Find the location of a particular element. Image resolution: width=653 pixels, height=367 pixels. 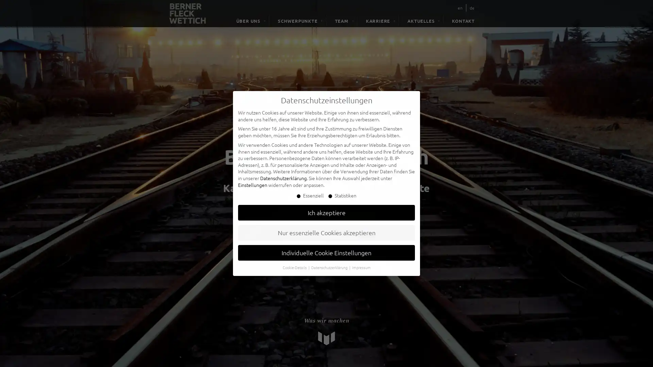

Cookie-Details is located at coordinates (295, 267).